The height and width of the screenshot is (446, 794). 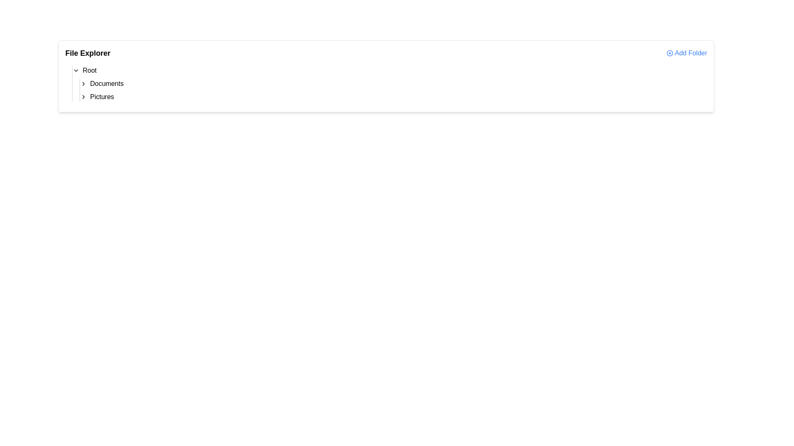 What do you see at coordinates (101, 97) in the screenshot?
I see `the 'Pictures' text label located in the file explorer interface` at bounding box center [101, 97].